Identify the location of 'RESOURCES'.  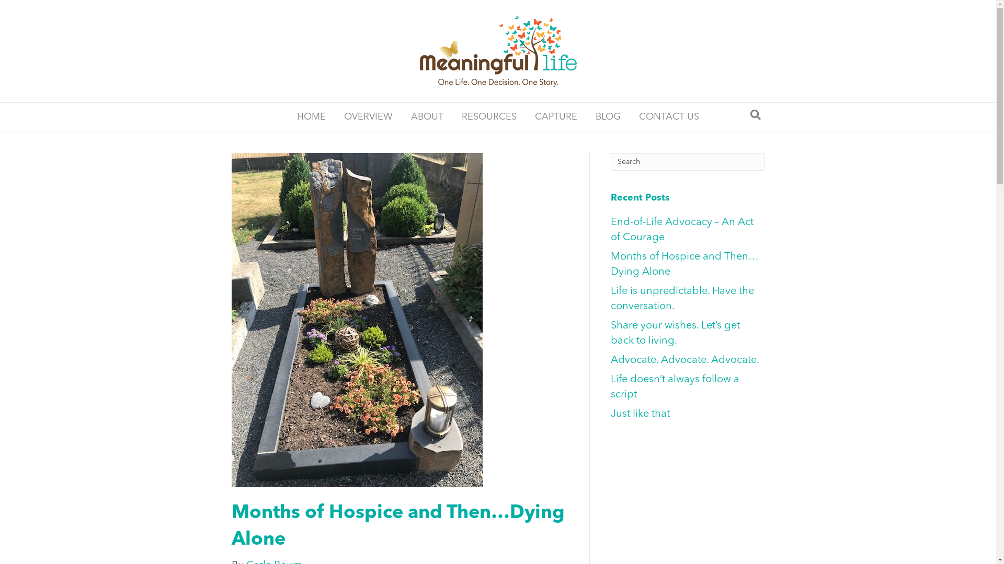
(488, 117).